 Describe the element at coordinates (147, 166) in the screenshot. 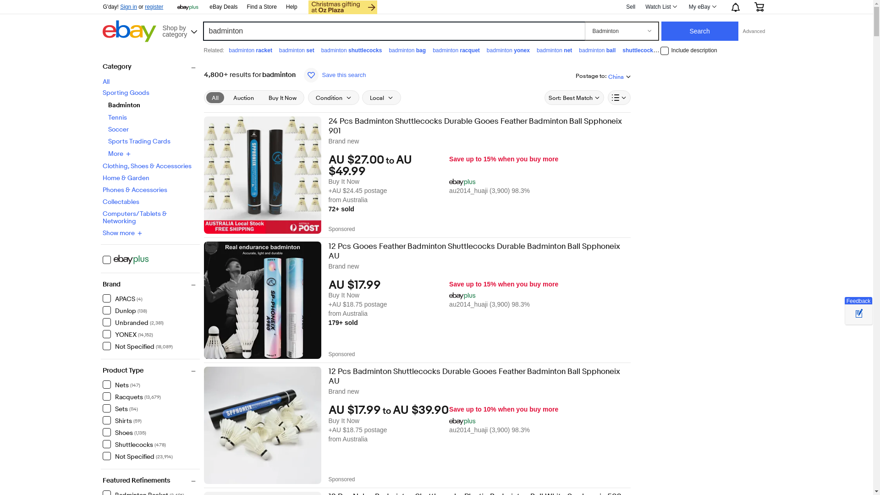

I see `'Clothing, Shoes & Accessories'` at that location.